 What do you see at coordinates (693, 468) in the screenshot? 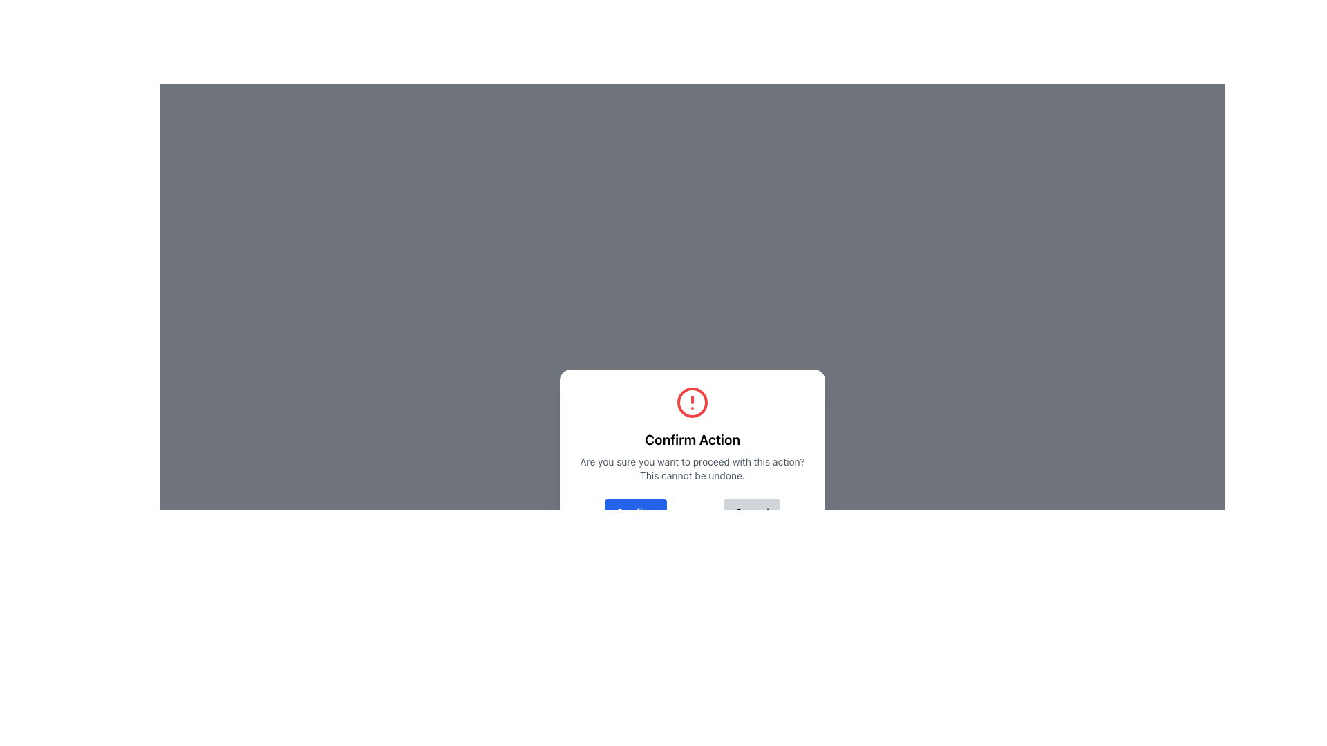
I see `warning message displayed in the static text element located centrally in the modal, beneath the header labeled 'Confirm Action'` at bounding box center [693, 468].